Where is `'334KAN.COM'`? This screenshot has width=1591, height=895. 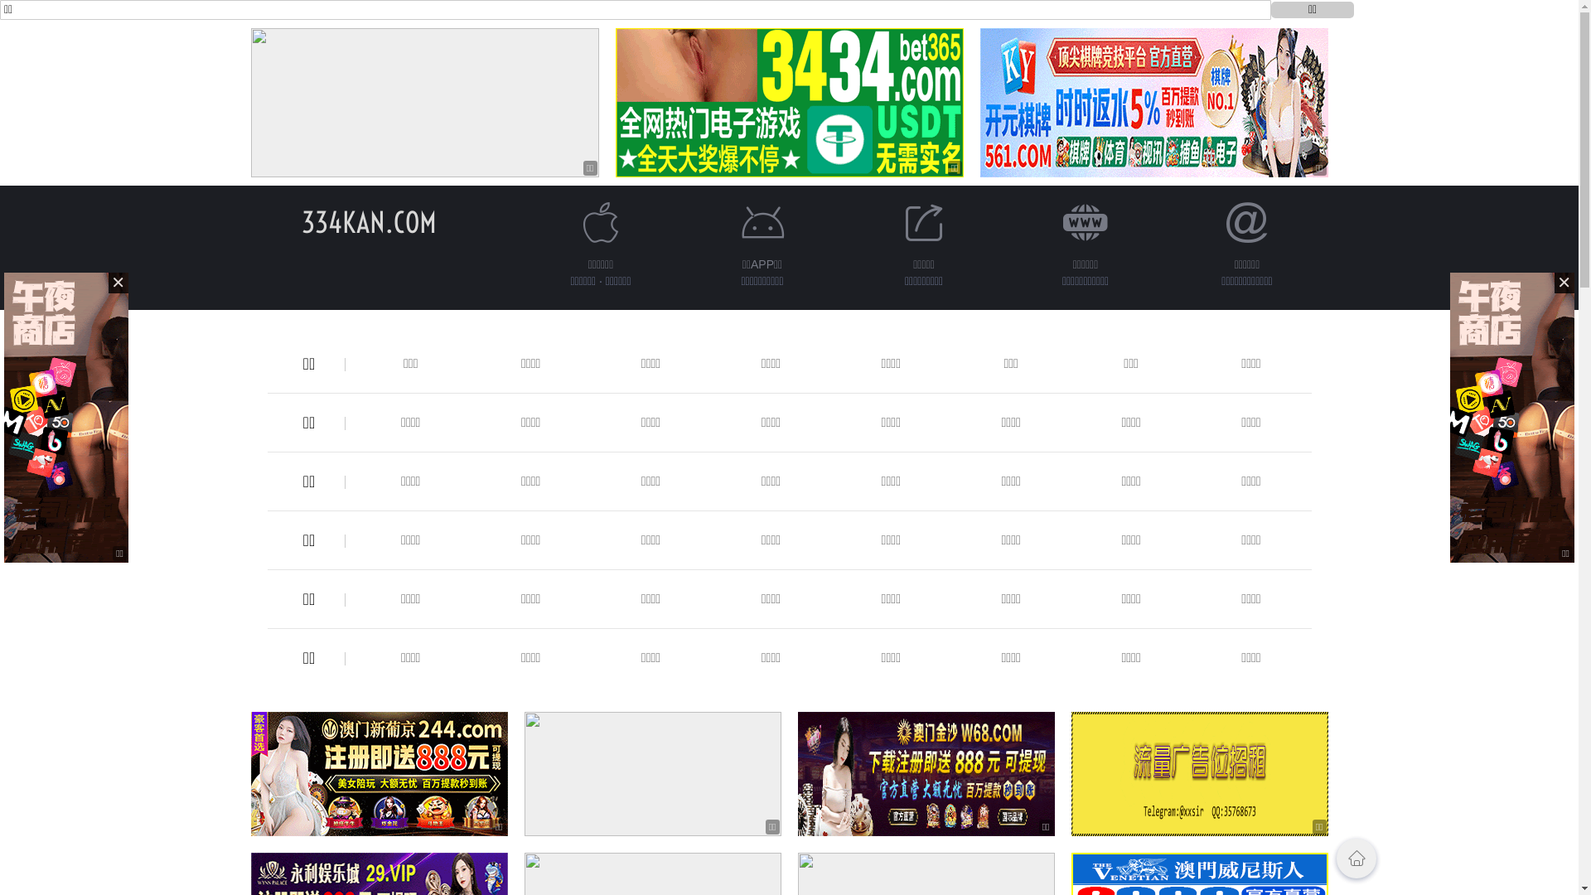
'334KAN.COM' is located at coordinates (368, 221).